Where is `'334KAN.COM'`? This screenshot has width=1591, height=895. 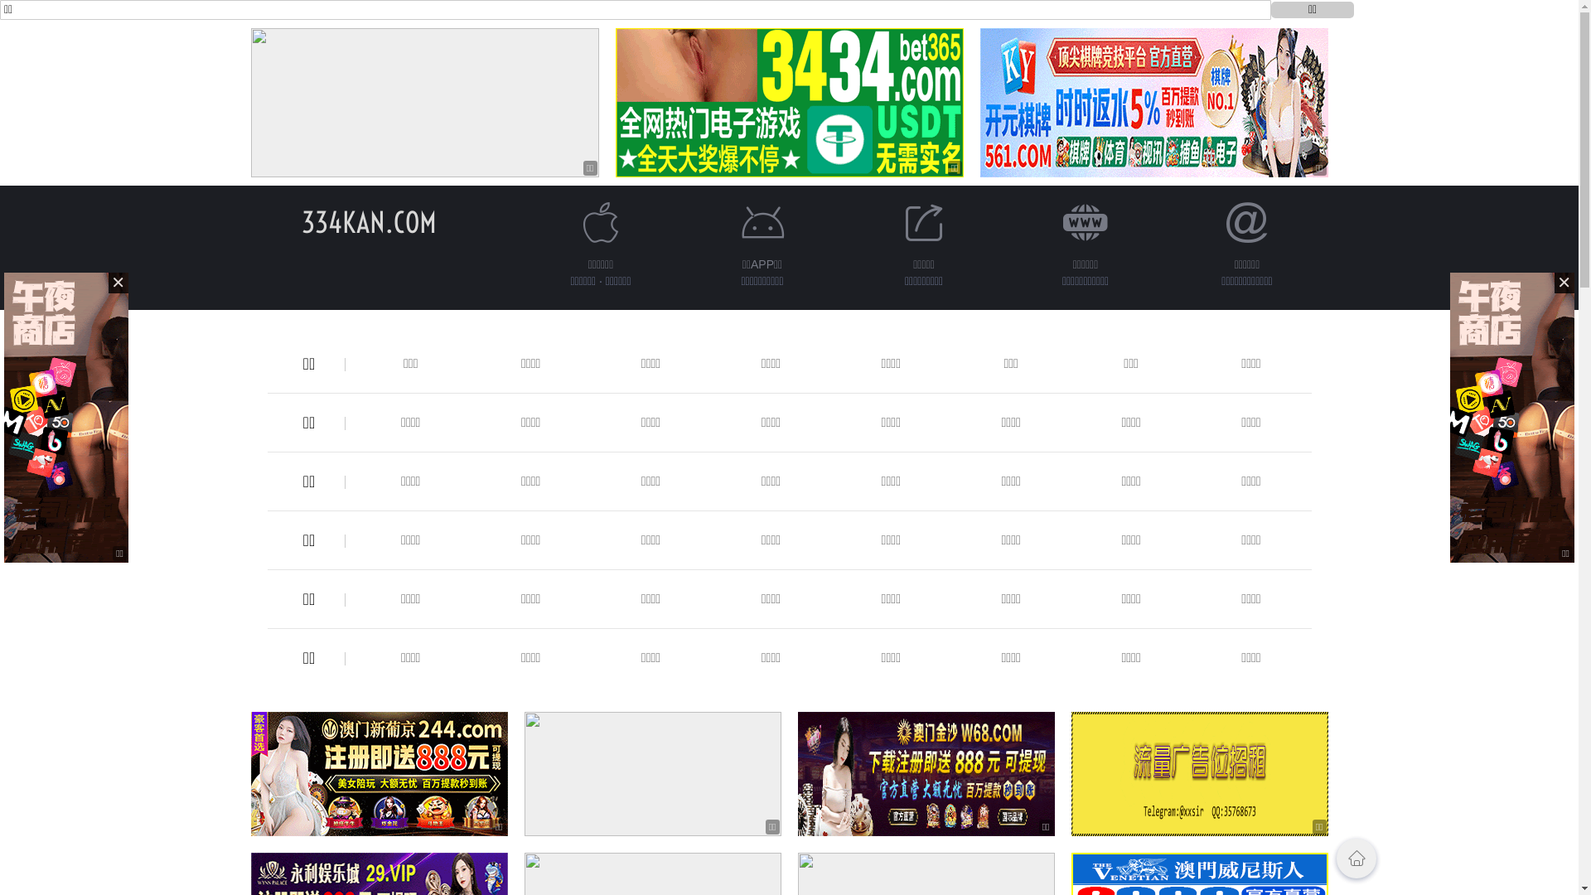
'334KAN.COM' is located at coordinates (368, 221).